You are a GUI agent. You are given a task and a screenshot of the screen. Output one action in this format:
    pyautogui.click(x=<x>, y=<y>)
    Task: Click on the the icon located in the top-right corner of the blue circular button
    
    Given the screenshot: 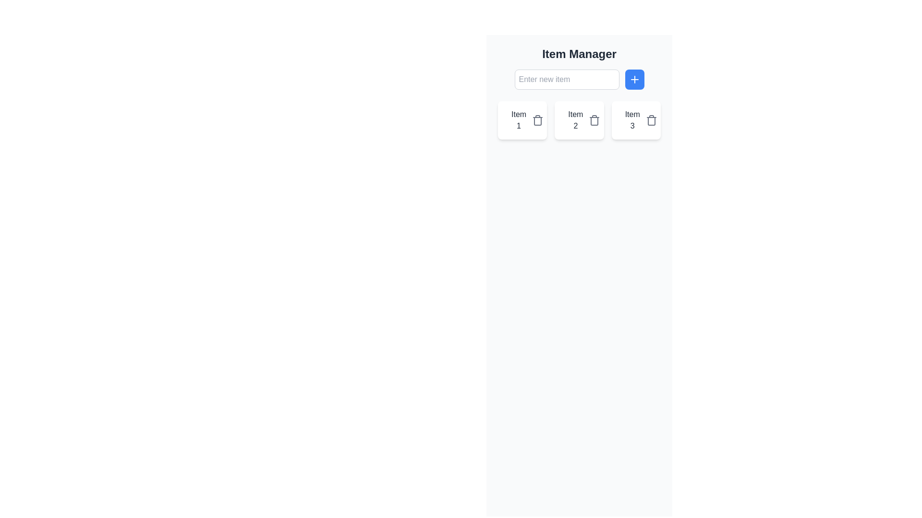 What is the action you would take?
    pyautogui.click(x=634, y=79)
    